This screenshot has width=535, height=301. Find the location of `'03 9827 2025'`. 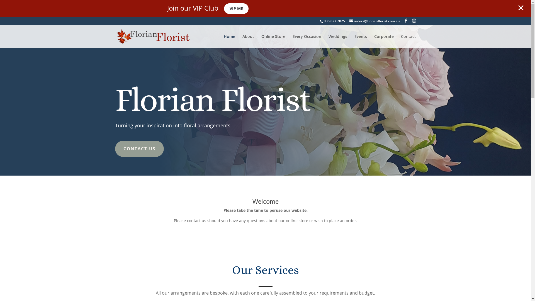

'03 9827 2025' is located at coordinates (324, 21).